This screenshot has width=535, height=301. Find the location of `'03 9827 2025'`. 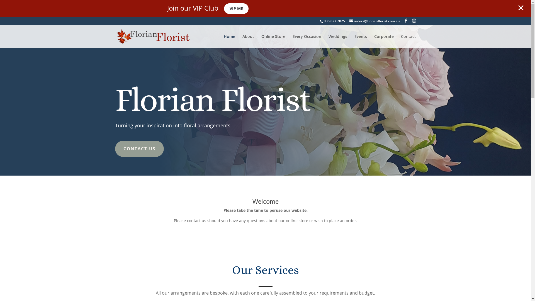

'03 9827 2025' is located at coordinates (324, 21).